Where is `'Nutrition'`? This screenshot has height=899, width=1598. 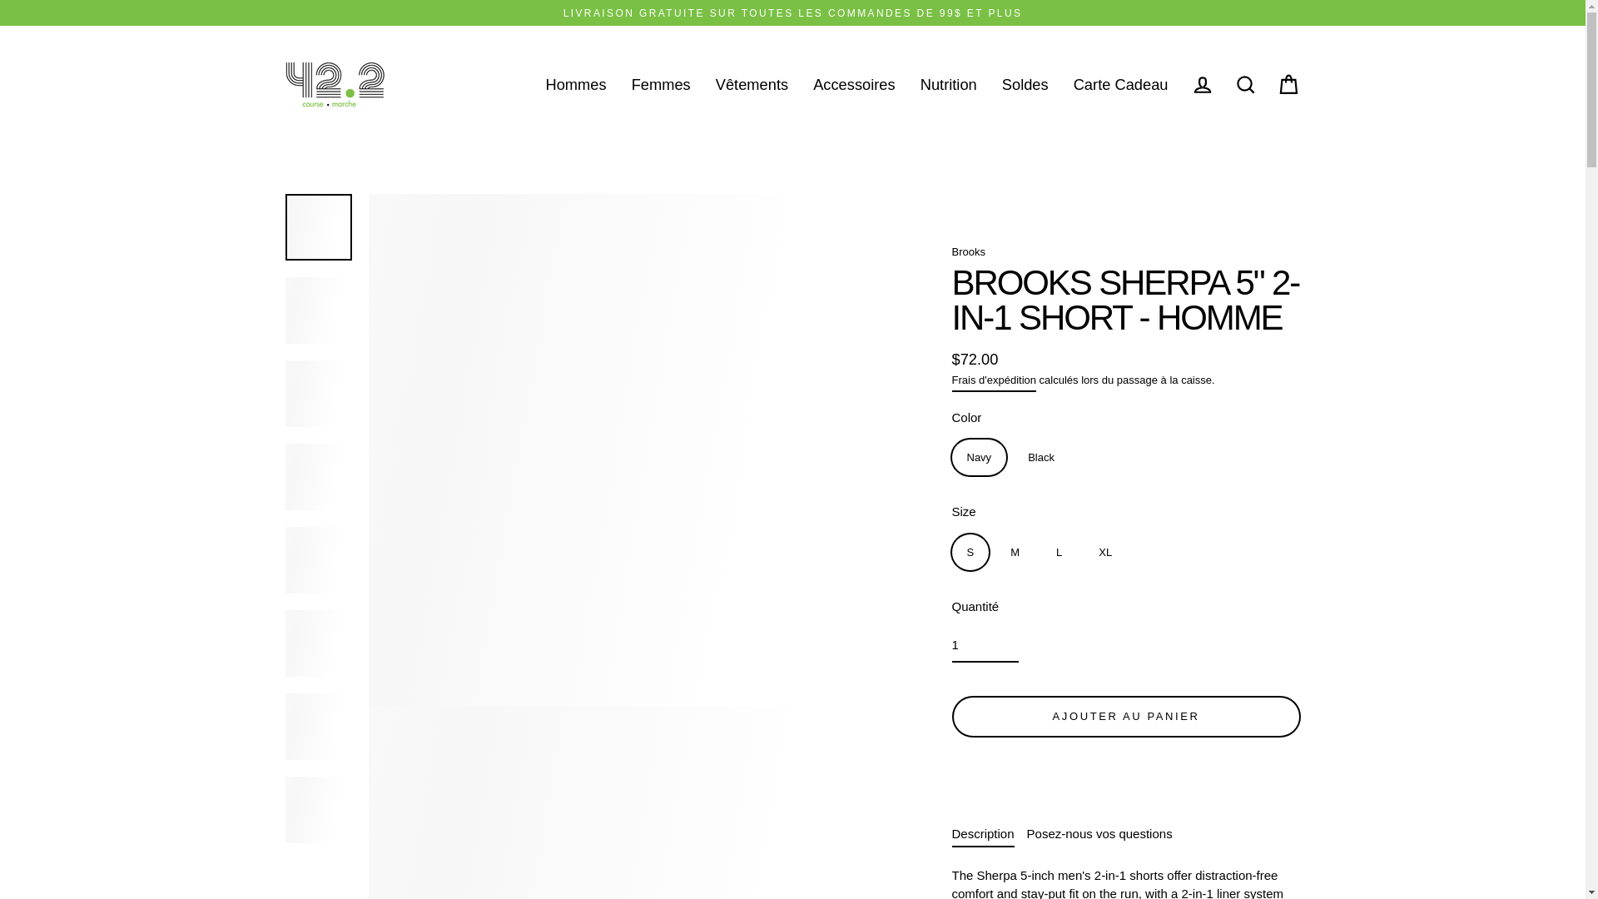 'Nutrition' is located at coordinates (949, 84).